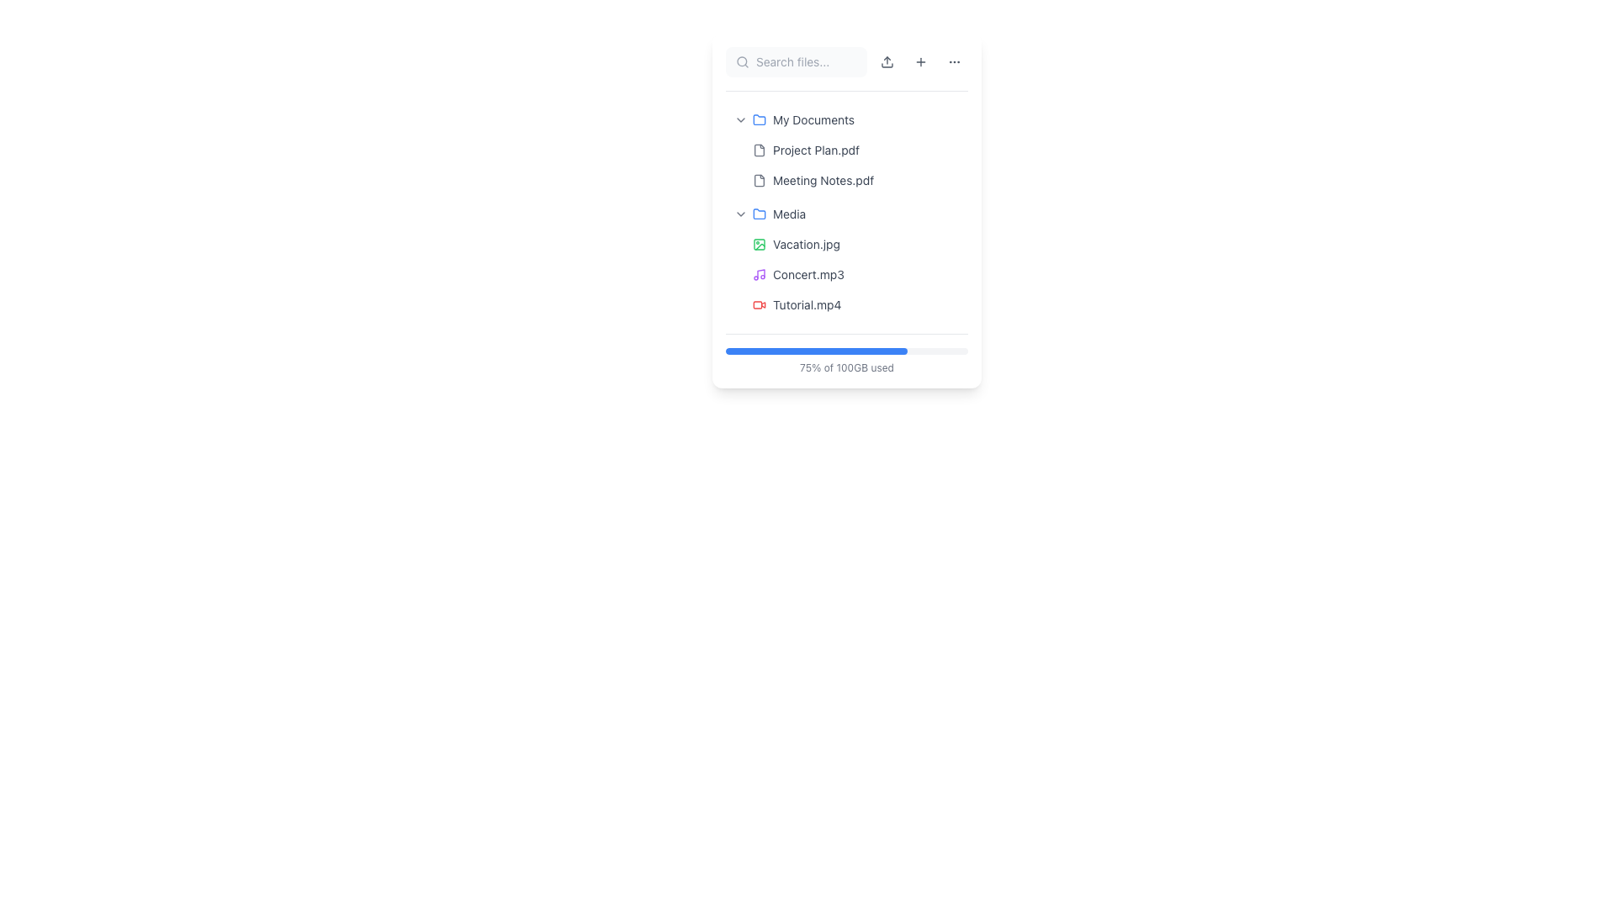 The image size is (1615, 908). What do you see at coordinates (856, 181) in the screenshot?
I see `the file list item for 'Meeting Notes.pdf'` at bounding box center [856, 181].